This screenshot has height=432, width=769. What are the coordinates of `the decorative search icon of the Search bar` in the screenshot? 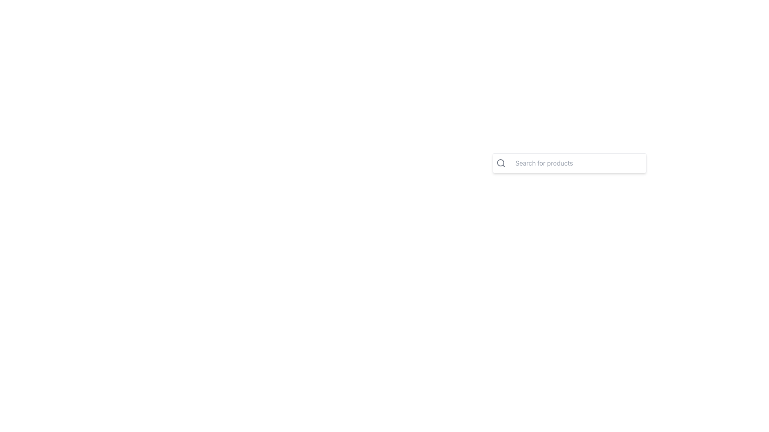 It's located at (569, 168).